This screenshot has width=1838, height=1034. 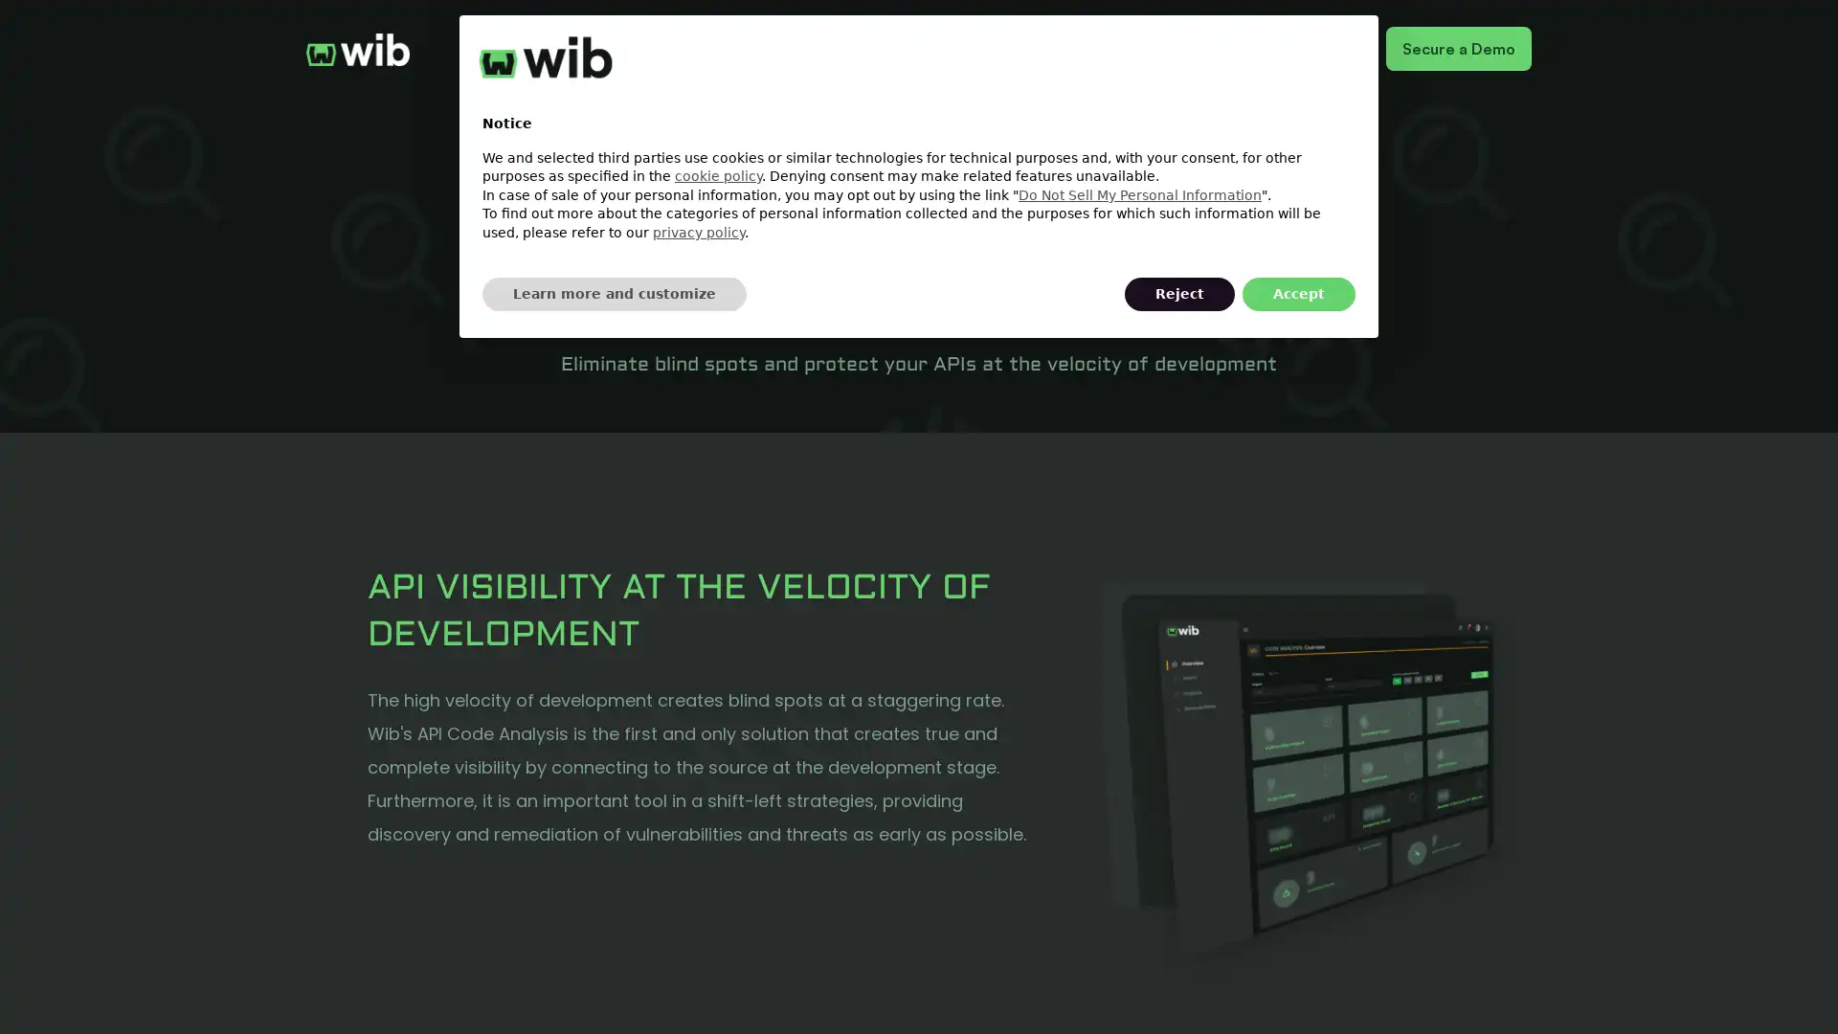 I want to click on Learn more and customize, so click(x=615, y=294).